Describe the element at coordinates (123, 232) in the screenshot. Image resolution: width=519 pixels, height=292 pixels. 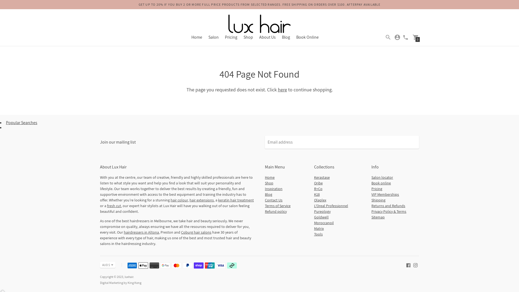
I see `'hairdressers in Altona'` at that location.